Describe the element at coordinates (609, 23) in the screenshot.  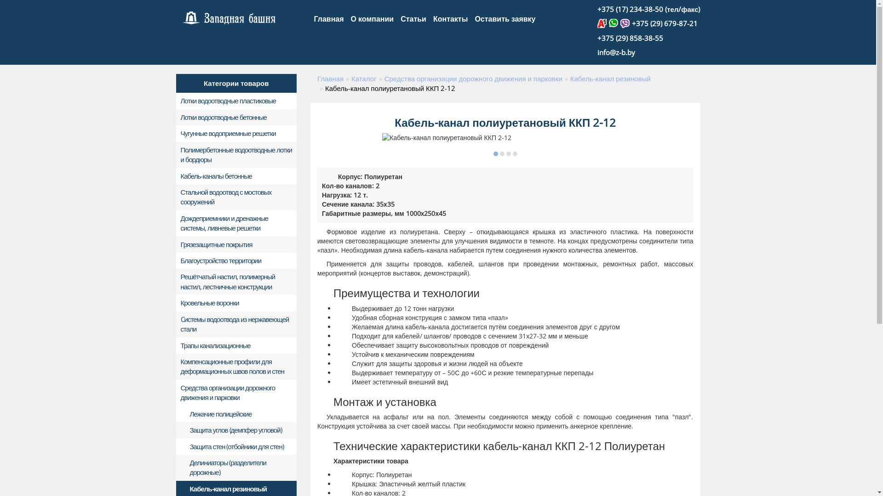
I see `'whatsap'` at that location.